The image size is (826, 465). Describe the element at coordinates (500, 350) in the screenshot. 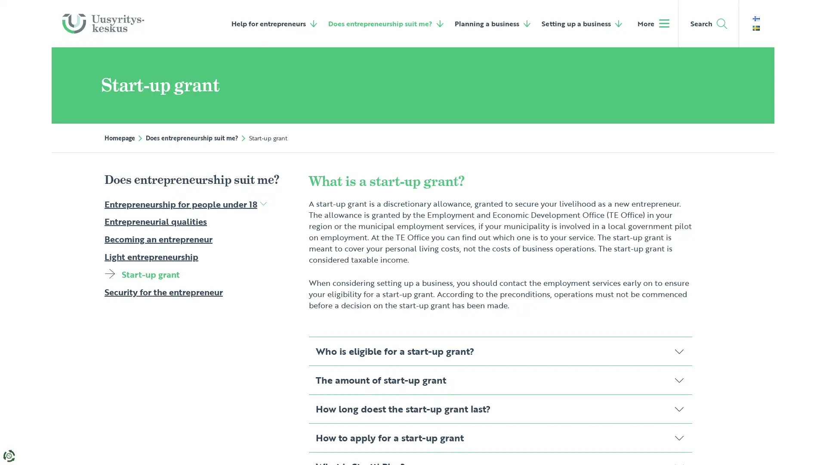

I see `Who is eligible for a start-up grant?` at that location.